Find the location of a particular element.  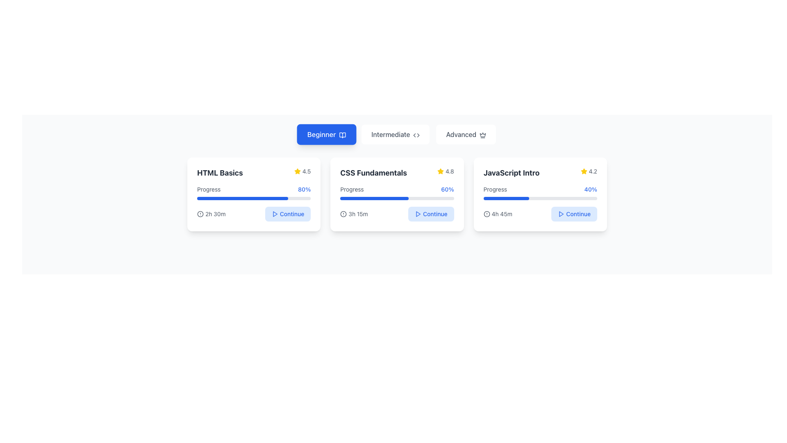

the circular alert icon located within the 'JavaScript Intro' card, positioned to the left of the text '4h 45m' is located at coordinates (487, 213).